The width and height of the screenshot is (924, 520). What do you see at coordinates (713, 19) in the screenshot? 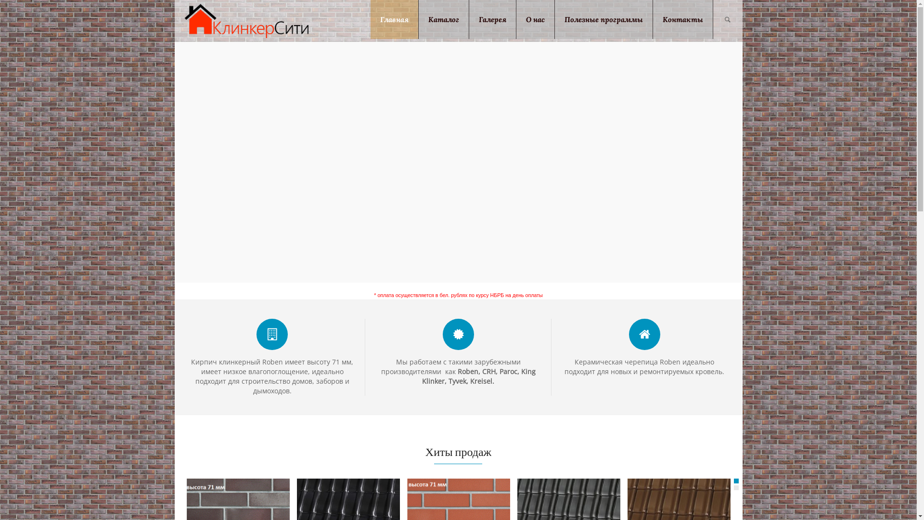
I see `'Search'` at bounding box center [713, 19].